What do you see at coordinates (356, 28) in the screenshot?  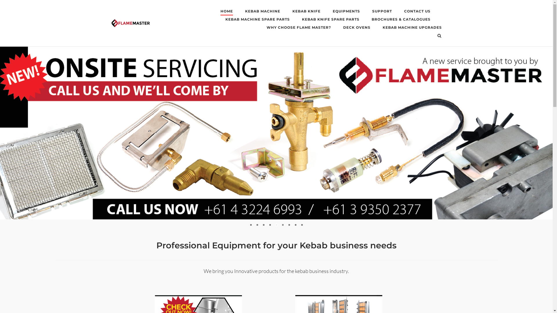 I see `'DECK OVENS'` at bounding box center [356, 28].